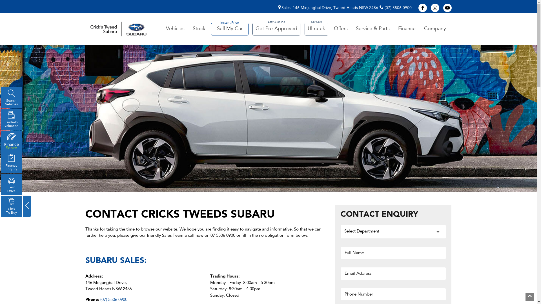 The height and width of the screenshot is (304, 541). I want to click on 'Service & Parts', so click(352, 29).